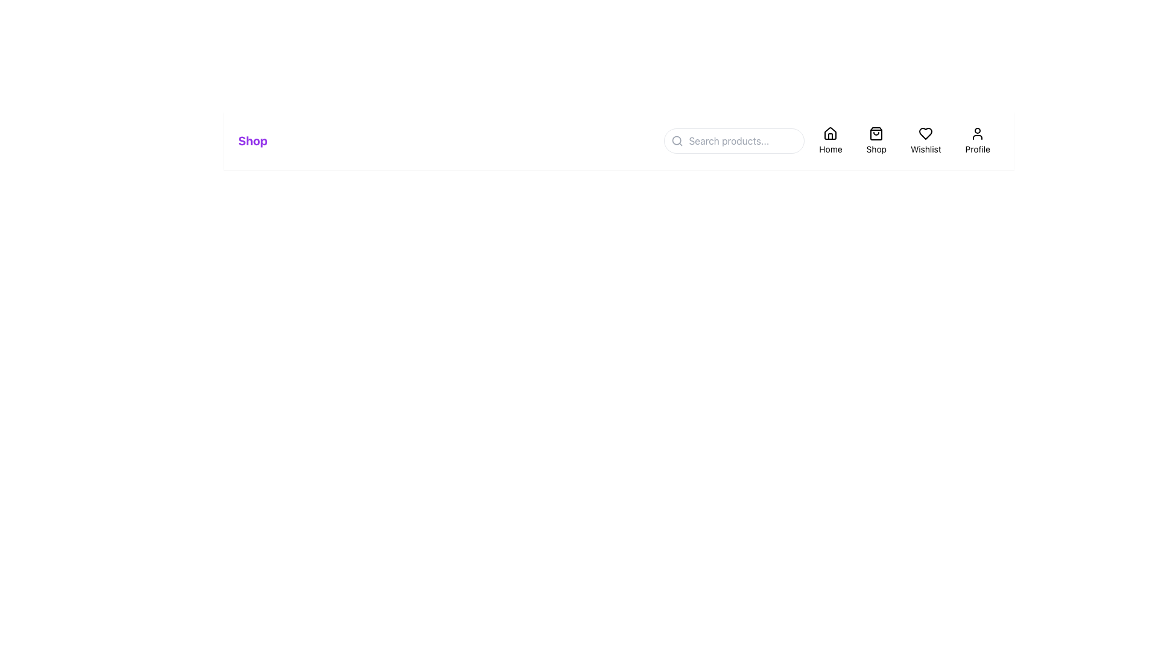 The image size is (1158, 651). Describe the element at coordinates (830, 140) in the screenshot. I see `the navigation button in the top-right corner that redirects to the home page to observe the hover effect` at that location.